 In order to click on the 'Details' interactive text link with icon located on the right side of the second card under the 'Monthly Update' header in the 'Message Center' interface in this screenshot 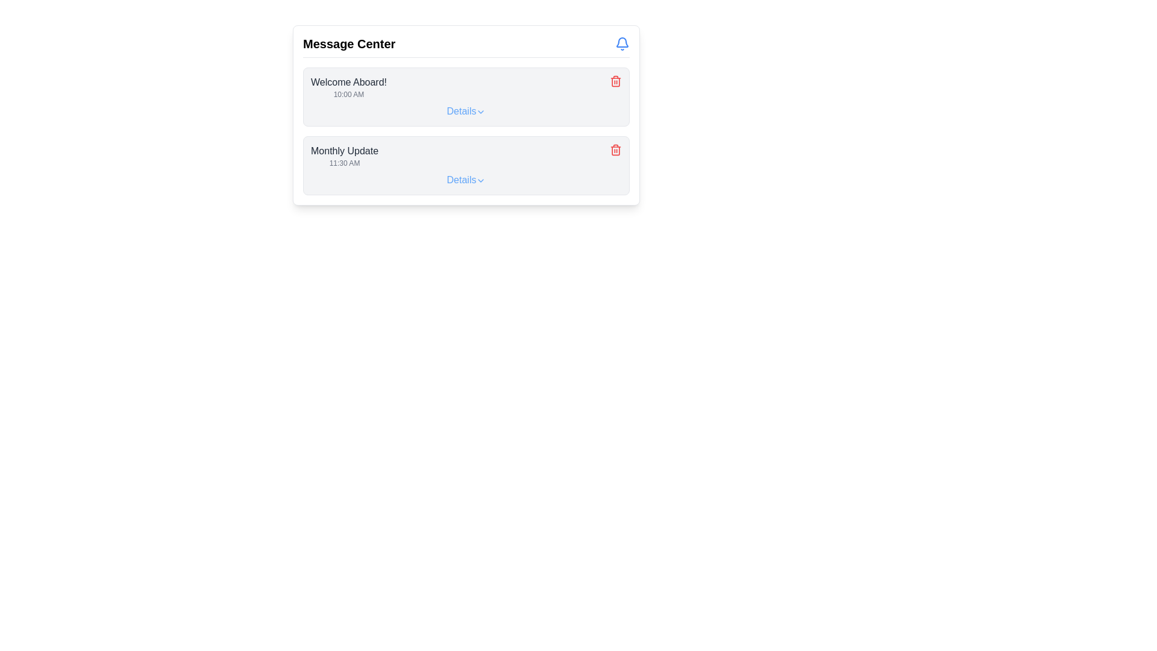, I will do `click(465, 180)`.